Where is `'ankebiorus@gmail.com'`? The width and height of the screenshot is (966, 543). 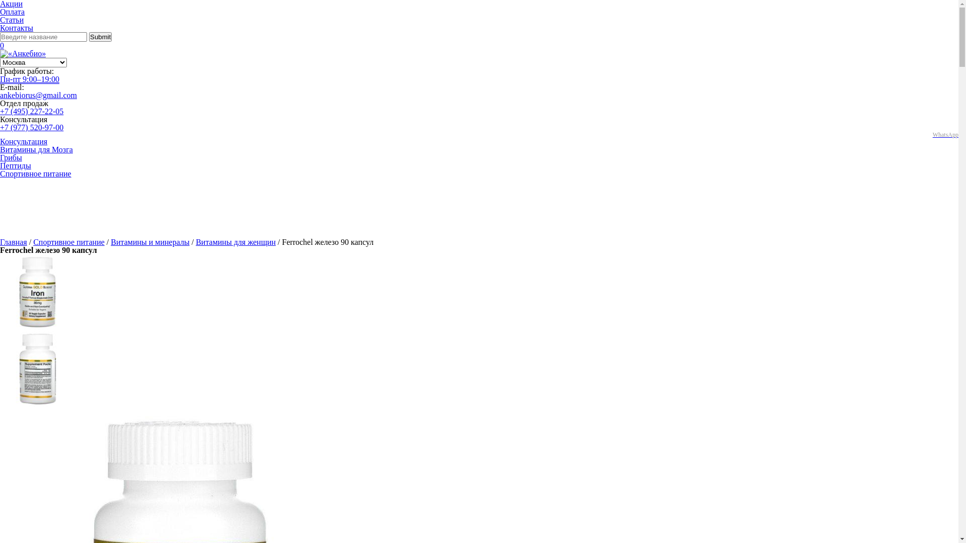 'ankebiorus@gmail.com' is located at coordinates (38, 95).